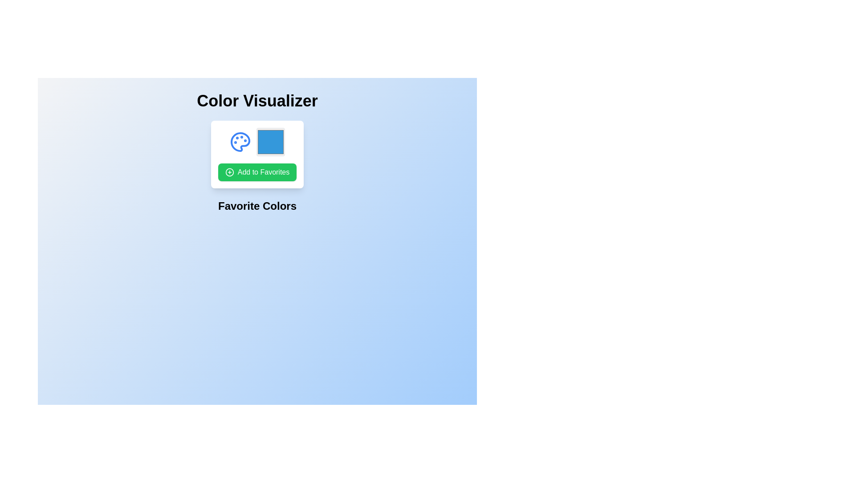  I want to click on the static text label that reads 'Color Visualizer', which is bold and large, positioned at the top of the page above other components like buttons and icons, so click(256, 101).